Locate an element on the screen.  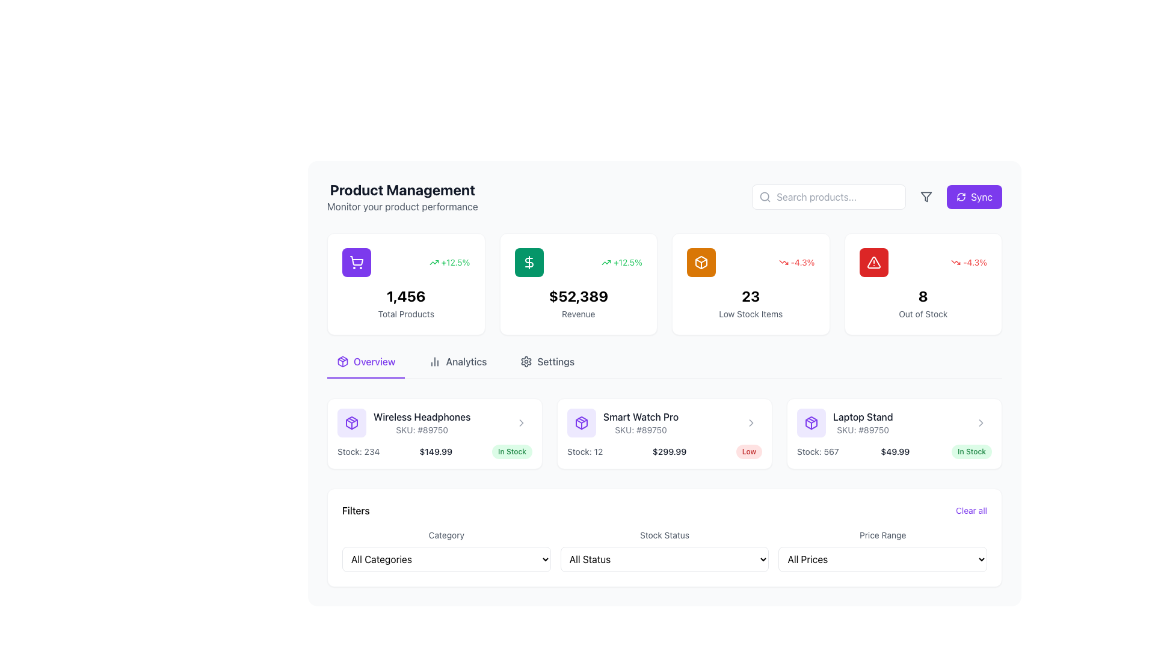
the magnifying glass icon representing the search function, located within the search input bar on the left side of the input field is located at coordinates (765, 196).